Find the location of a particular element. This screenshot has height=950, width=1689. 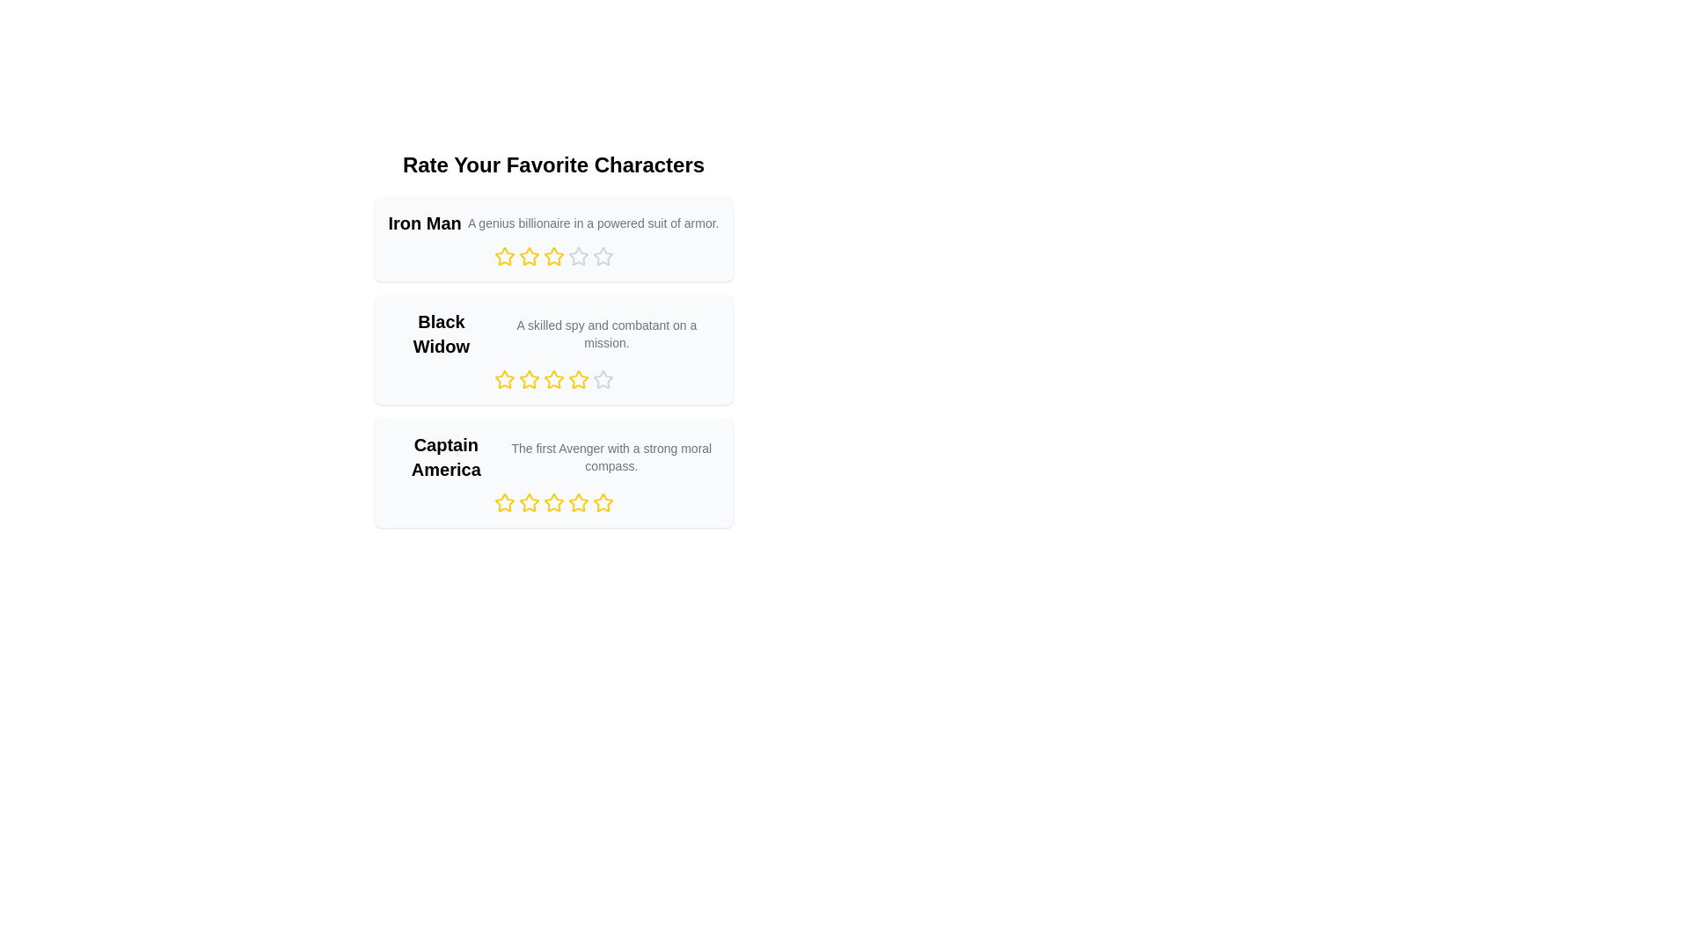

the second star icon in the rating options for the 'Black Widow' entry to assign a rating is located at coordinates (503, 379).